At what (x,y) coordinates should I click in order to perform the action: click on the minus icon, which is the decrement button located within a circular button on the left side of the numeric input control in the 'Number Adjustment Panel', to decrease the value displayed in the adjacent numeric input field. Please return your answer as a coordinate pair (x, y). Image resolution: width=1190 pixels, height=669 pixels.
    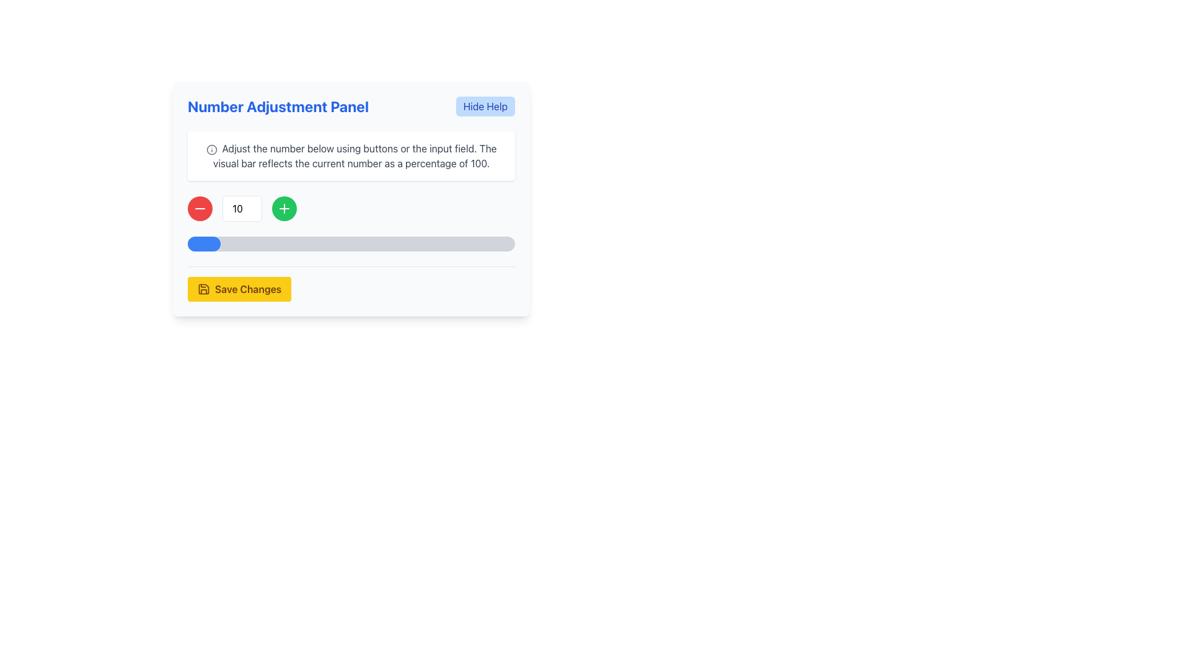
    Looking at the image, I should click on (200, 208).